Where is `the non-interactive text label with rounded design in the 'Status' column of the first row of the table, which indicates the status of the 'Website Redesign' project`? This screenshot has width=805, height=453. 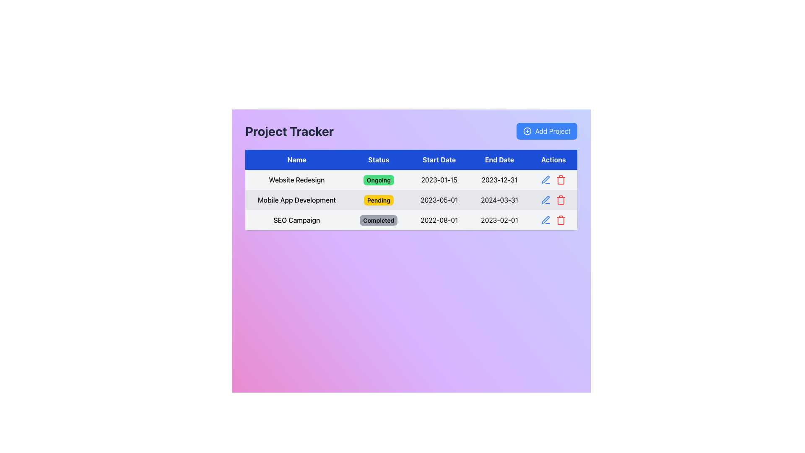
the non-interactive text label with rounded design in the 'Status' column of the first row of the table, which indicates the status of the 'Website Redesign' project is located at coordinates (378, 180).